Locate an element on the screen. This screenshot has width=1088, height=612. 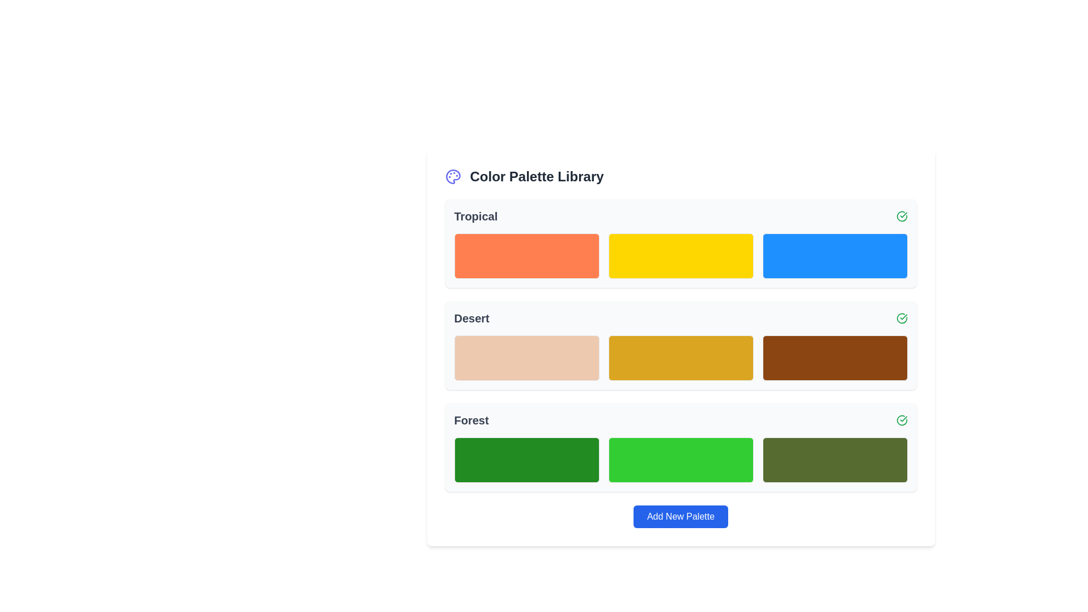
the color swatch labeled 'Desert' is located at coordinates (680, 358).